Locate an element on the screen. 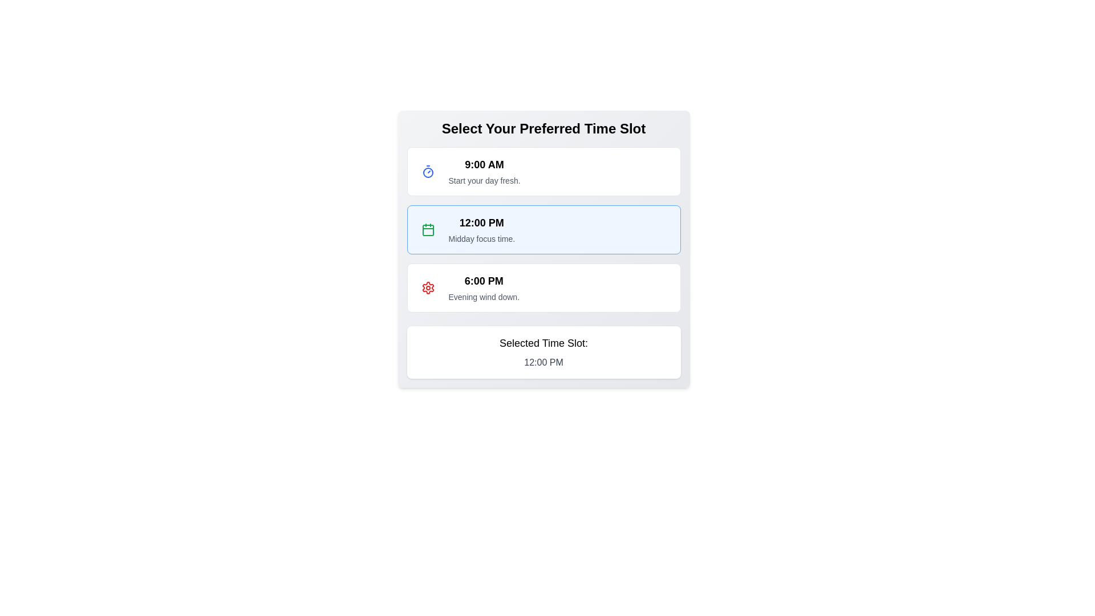 The width and height of the screenshot is (1095, 616). additional descriptive text element located under the '12:00 PM' label, which provides context about this time slot is located at coordinates (481, 238).